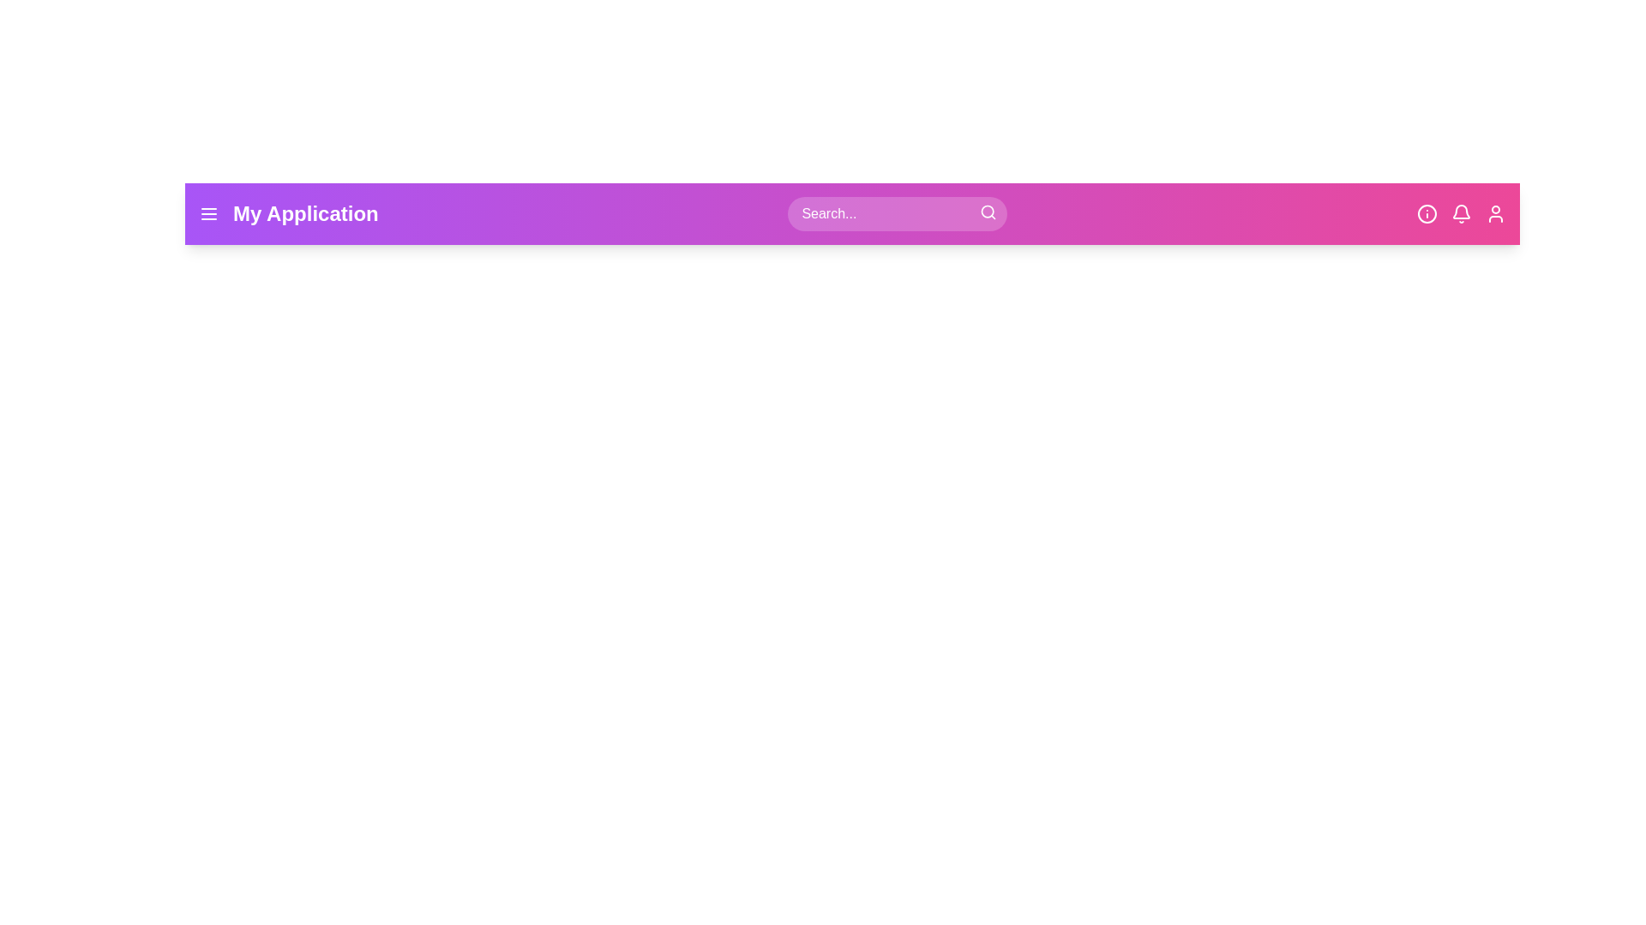 Image resolution: width=1646 pixels, height=925 pixels. What do you see at coordinates (1495, 213) in the screenshot?
I see `the User button` at bounding box center [1495, 213].